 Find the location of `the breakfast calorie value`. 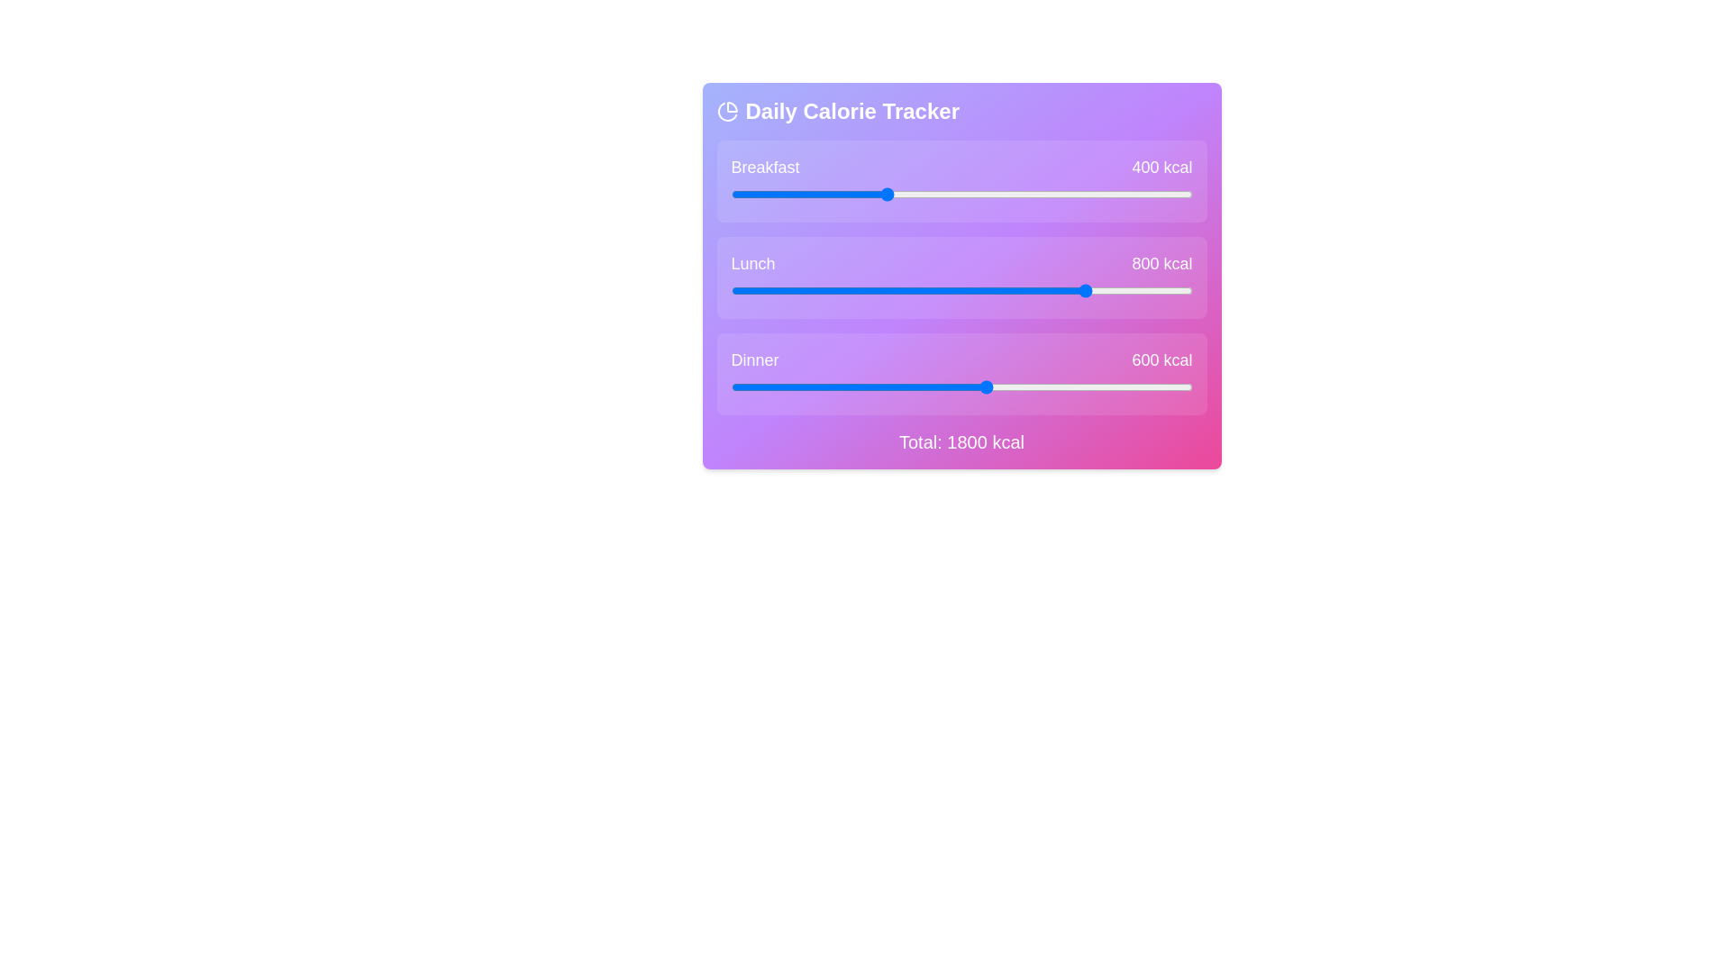

the breakfast calorie value is located at coordinates (968, 195).